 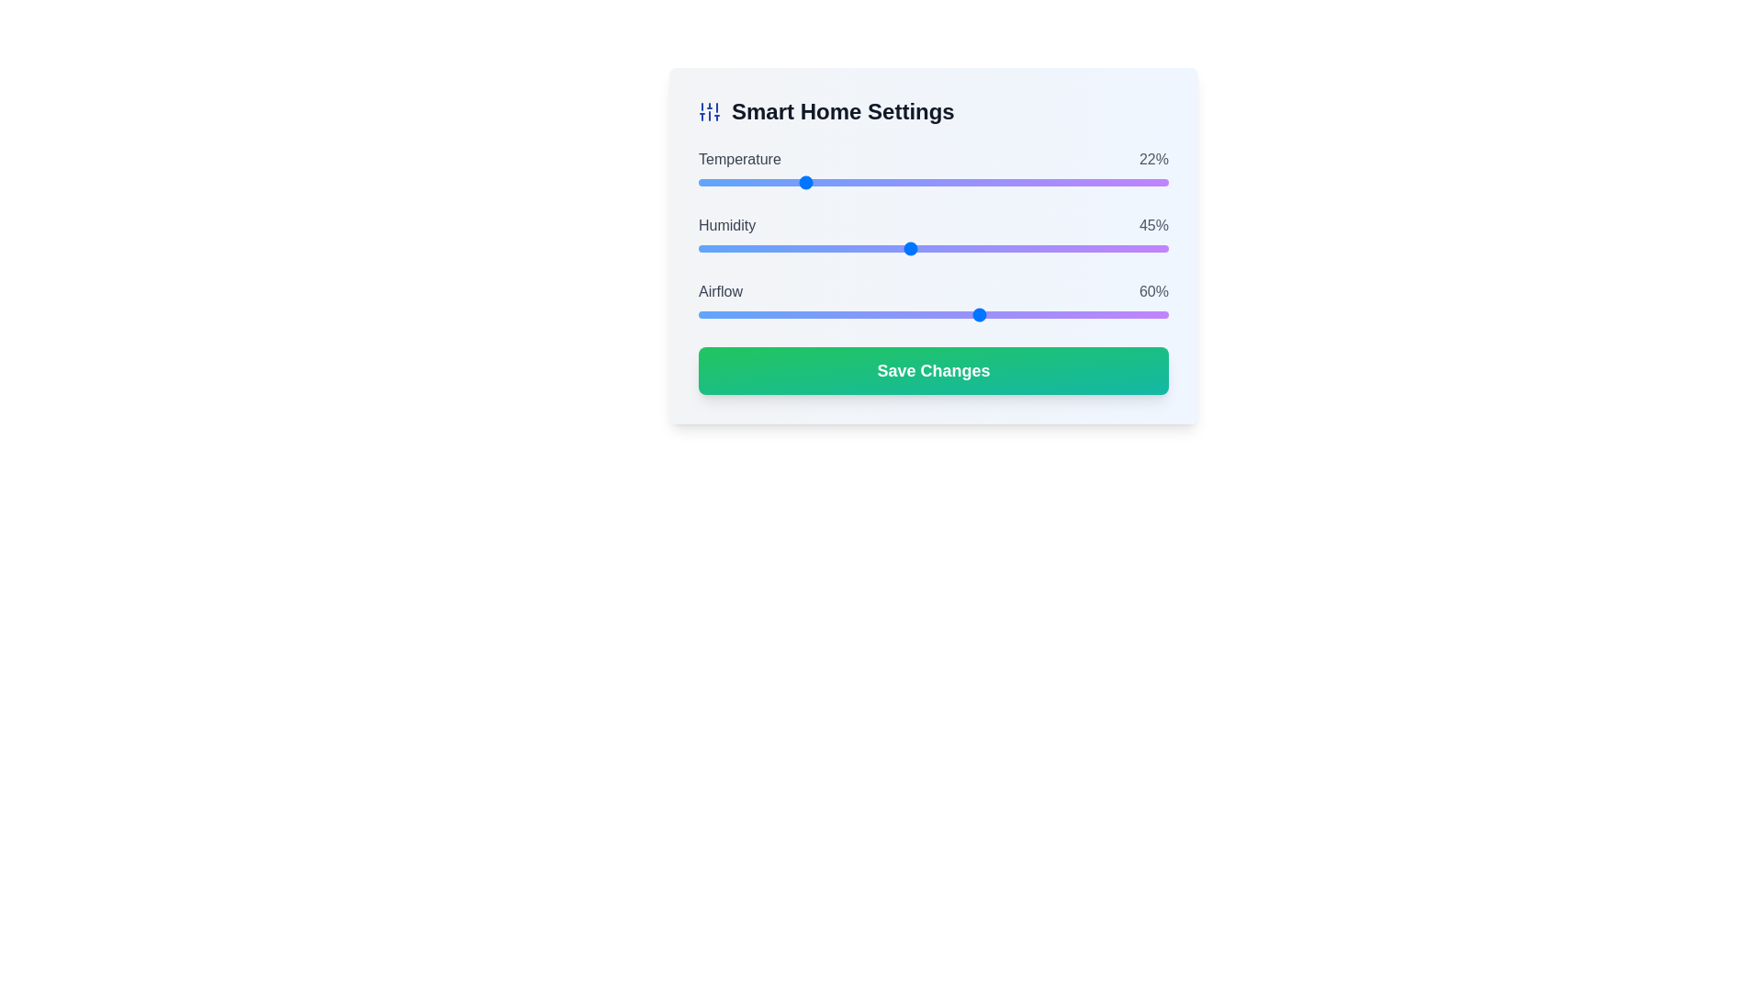 What do you see at coordinates (934, 170) in the screenshot?
I see `the horizontal slider for 'Temperature' located beneath the label and alongside the text '22%'` at bounding box center [934, 170].